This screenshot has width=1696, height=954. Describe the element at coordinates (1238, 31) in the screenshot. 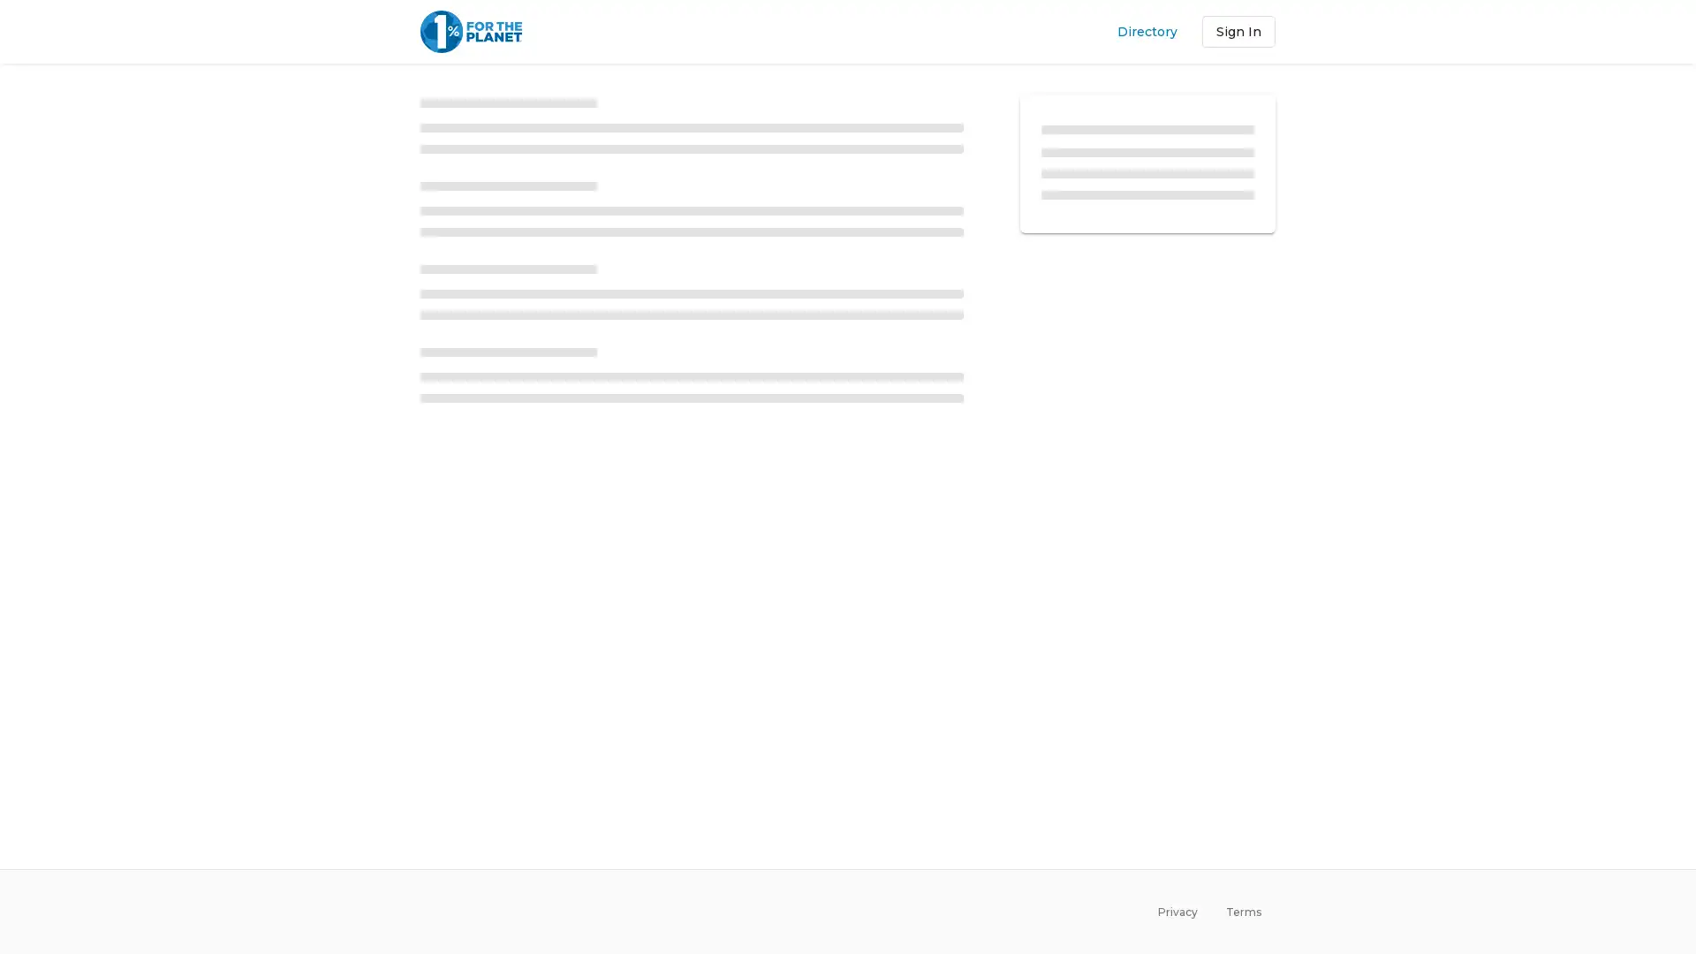

I see `Sign In` at that location.